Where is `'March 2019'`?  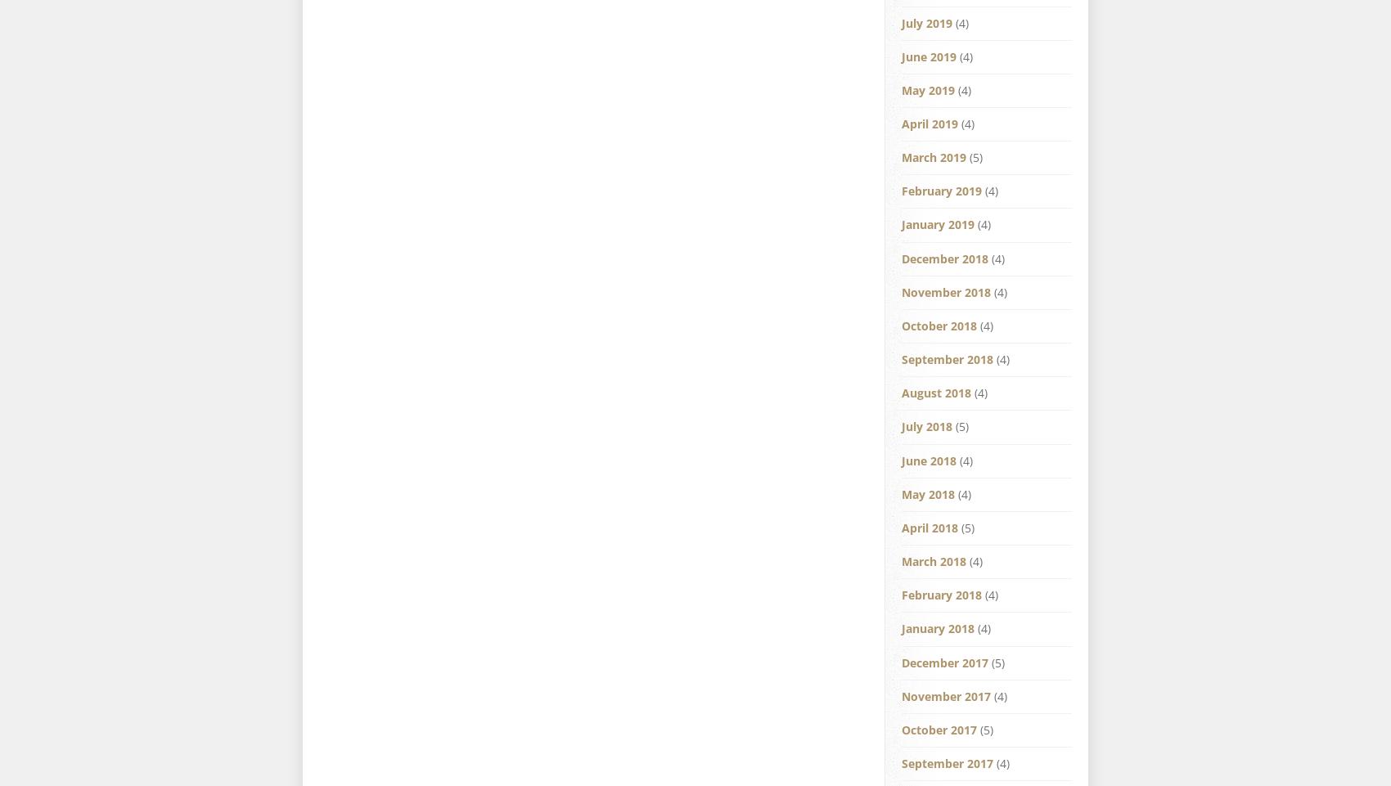 'March 2019' is located at coordinates (934, 157).